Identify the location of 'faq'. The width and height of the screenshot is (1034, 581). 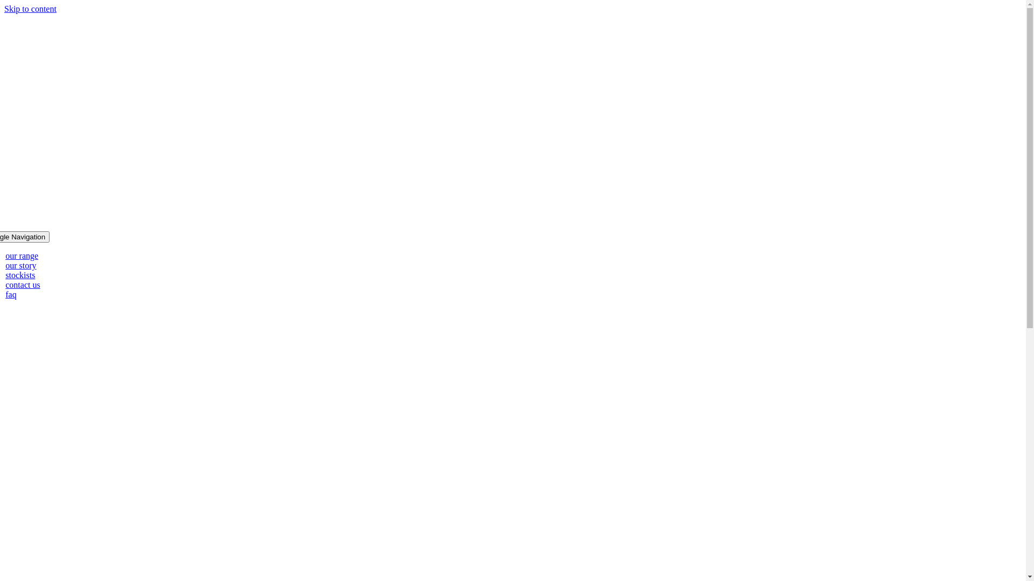
(10, 294).